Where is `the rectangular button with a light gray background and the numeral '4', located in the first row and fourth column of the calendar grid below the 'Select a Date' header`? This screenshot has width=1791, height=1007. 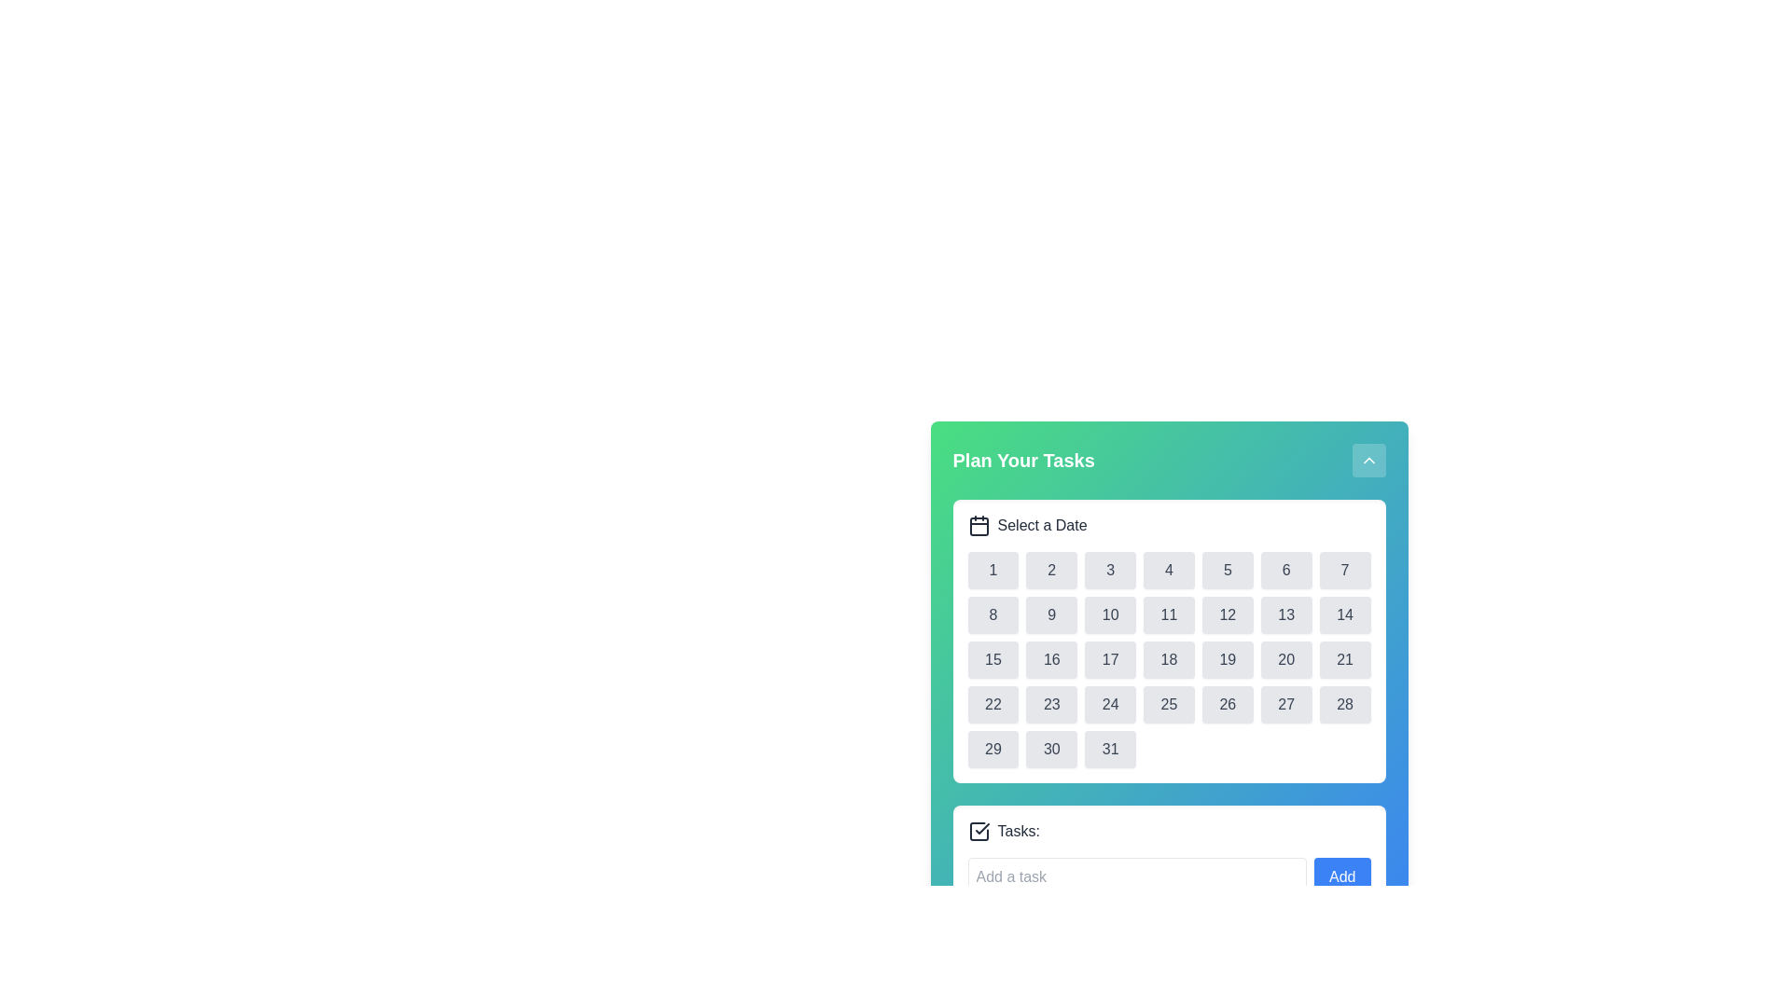
the rectangular button with a light gray background and the numeral '4', located in the first row and fourth column of the calendar grid below the 'Select a Date' header is located at coordinates (1168, 570).